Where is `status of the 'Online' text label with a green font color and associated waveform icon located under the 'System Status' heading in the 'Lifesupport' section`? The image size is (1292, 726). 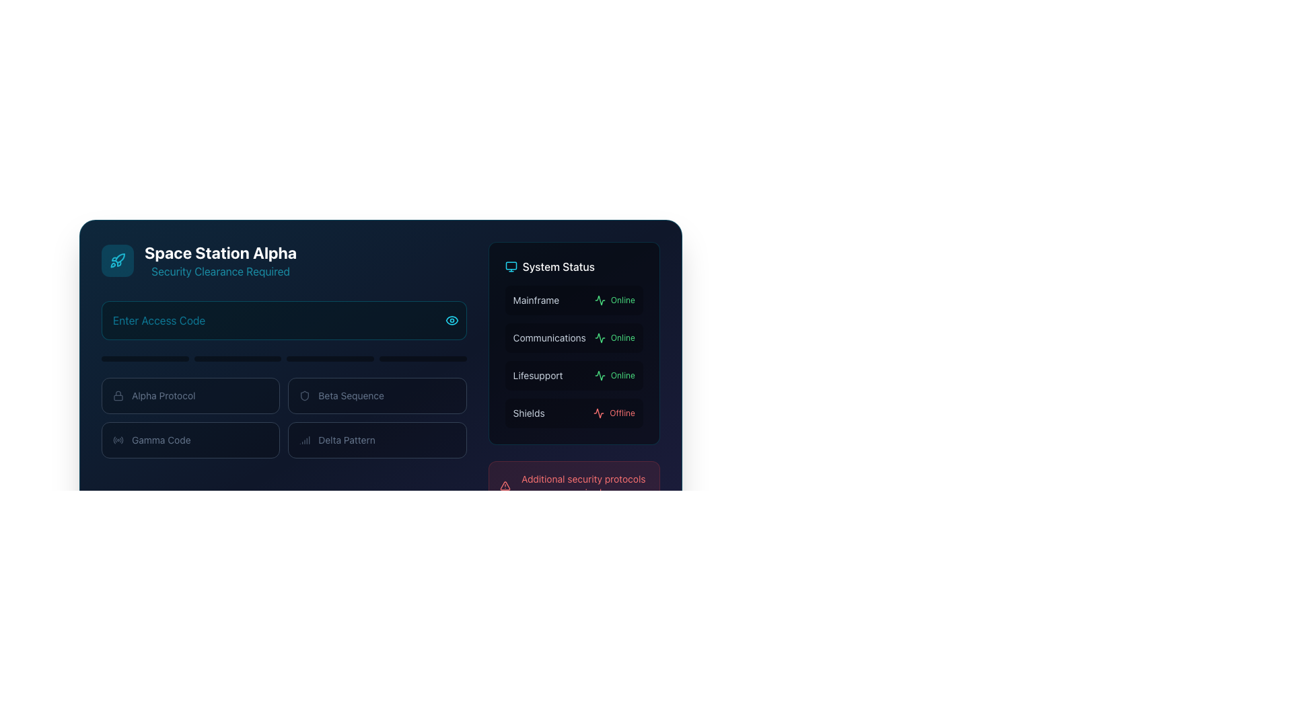
status of the 'Online' text label with a green font color and associated waveform icon located under the 'System Status' heading in the 'Lifesupport' section is located at coordinates (614, 376).